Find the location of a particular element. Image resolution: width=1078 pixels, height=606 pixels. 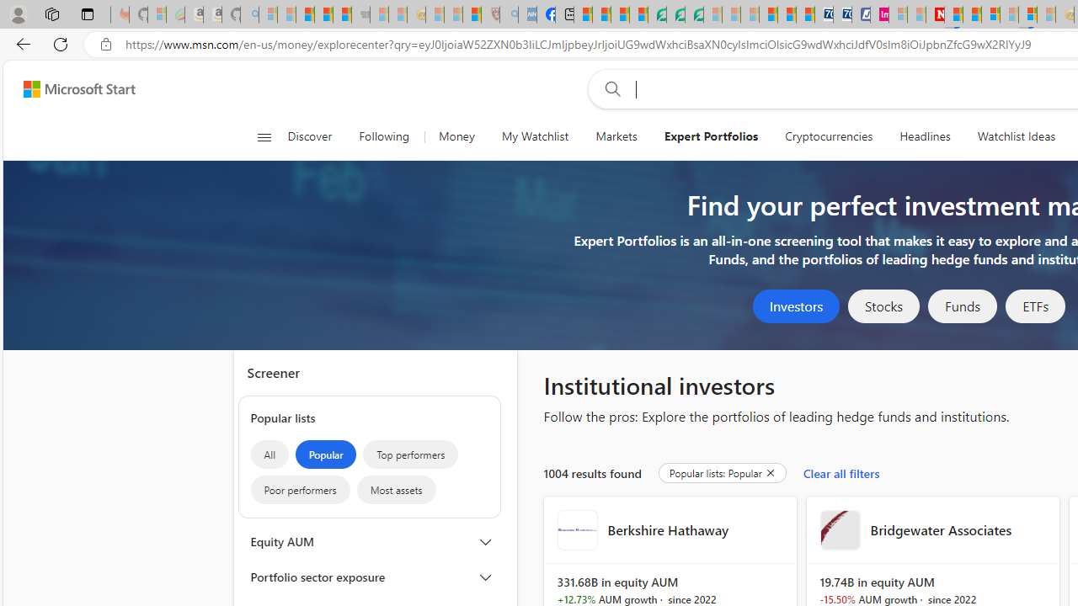

'All' is located at coordinates (269, 454).